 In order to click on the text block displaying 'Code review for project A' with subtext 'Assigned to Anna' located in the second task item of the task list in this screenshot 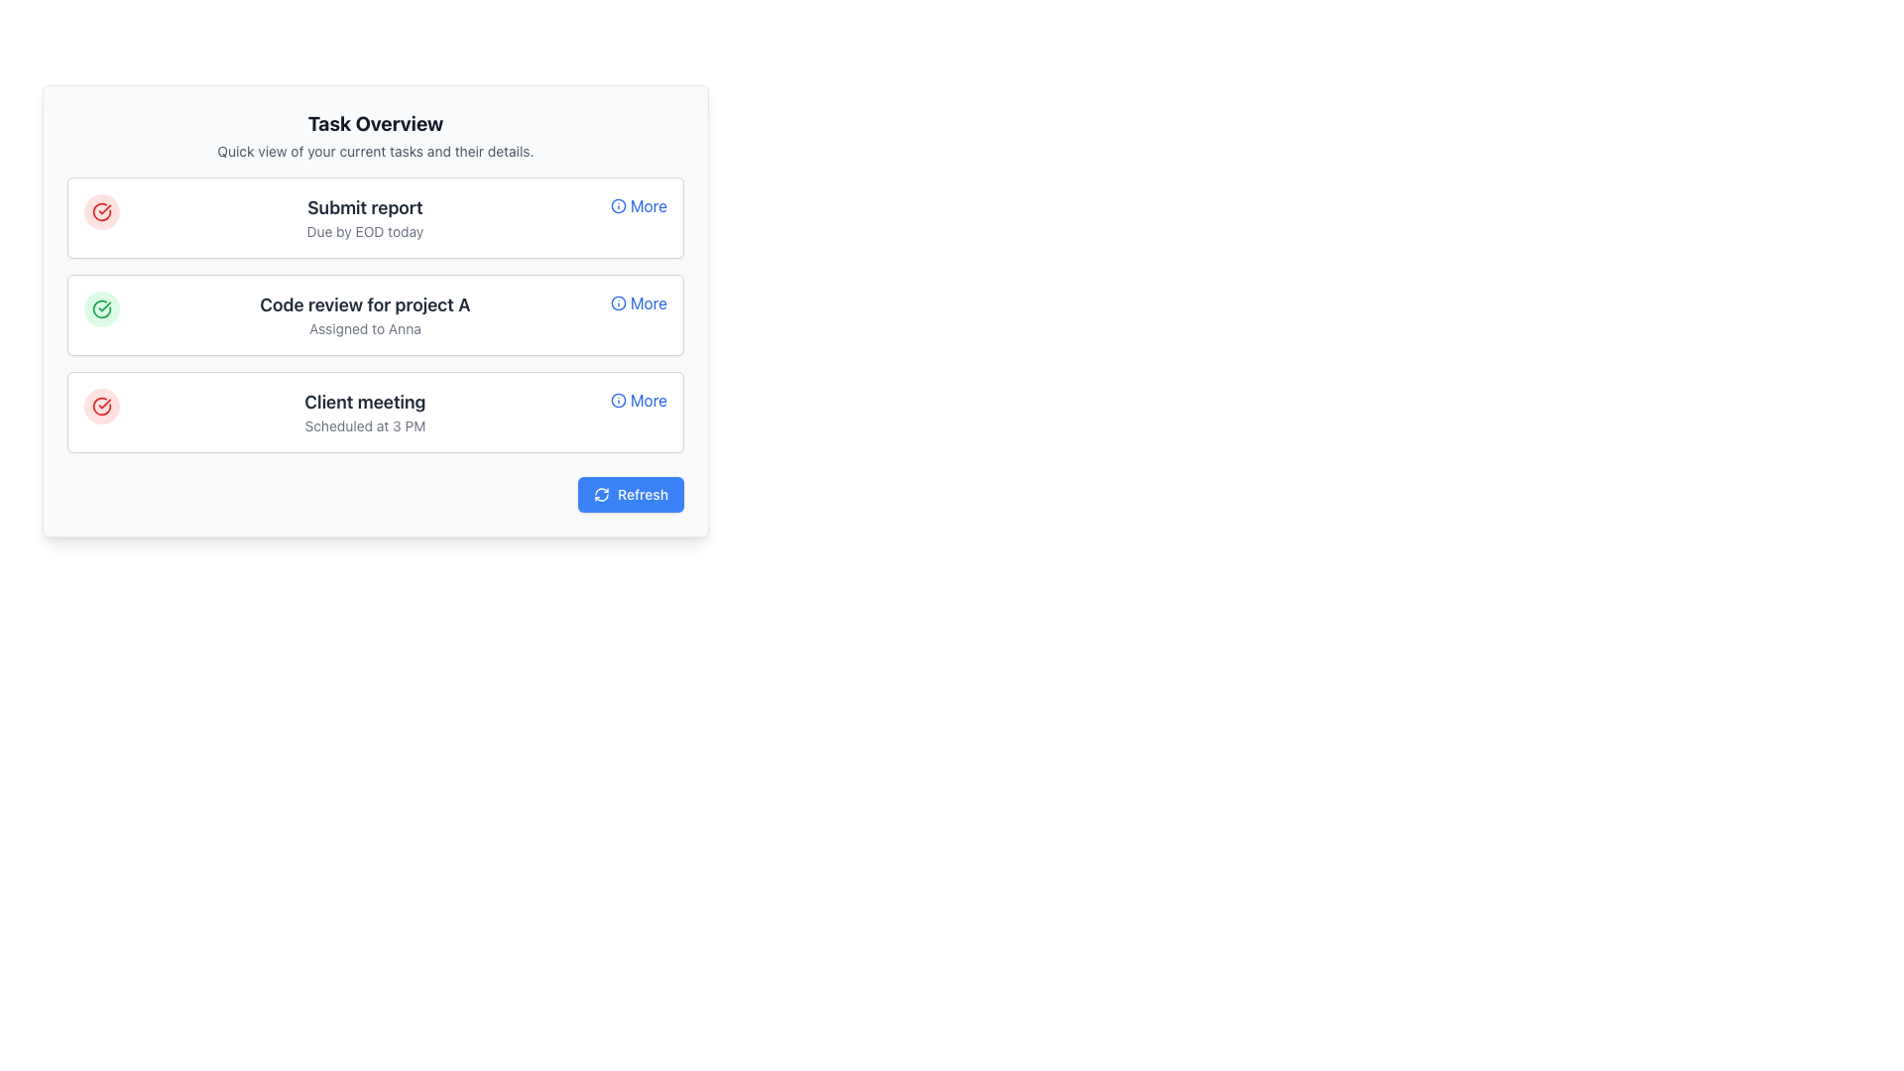, I will do `click(365, 313)`.